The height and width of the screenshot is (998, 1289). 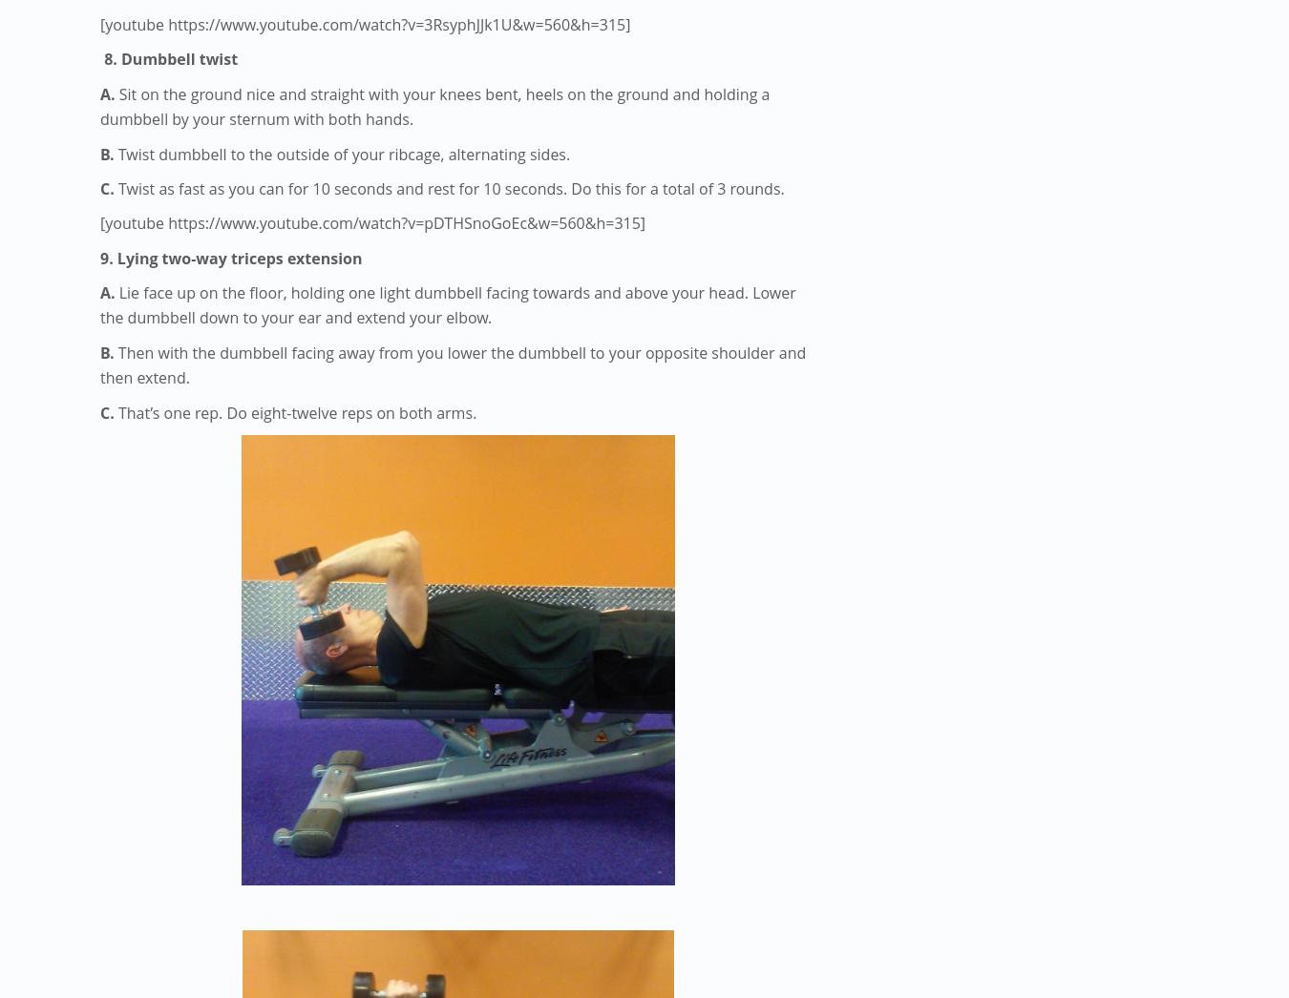 What do you see at coordinates (433, 105) in the screenshot?
I see `'Sit on the ground nice and straight with your knees bent, heels on the ground and holding a dumbbell by your sternum with both hands.'` at bounding box center [433, 105].